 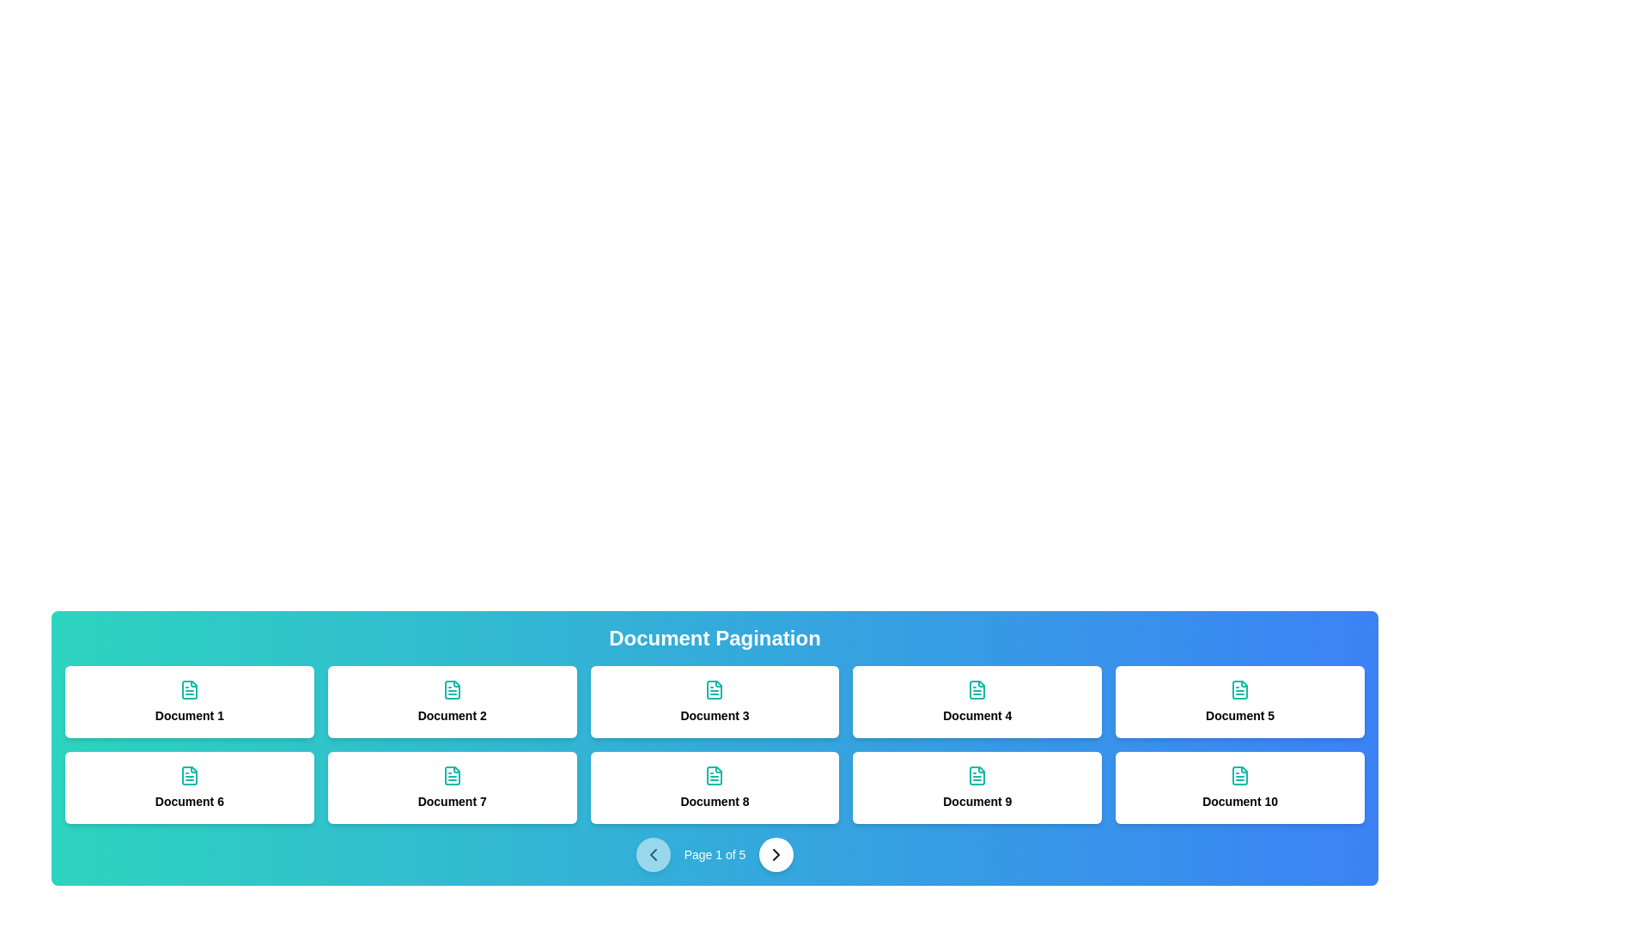 What do you see at coordinates (715, 801) in the screenshot?
I see `the text label that represents a document in the grid layout under 'Document Pagination', located in the second row and fourth column` at bounding box center [715, 801].